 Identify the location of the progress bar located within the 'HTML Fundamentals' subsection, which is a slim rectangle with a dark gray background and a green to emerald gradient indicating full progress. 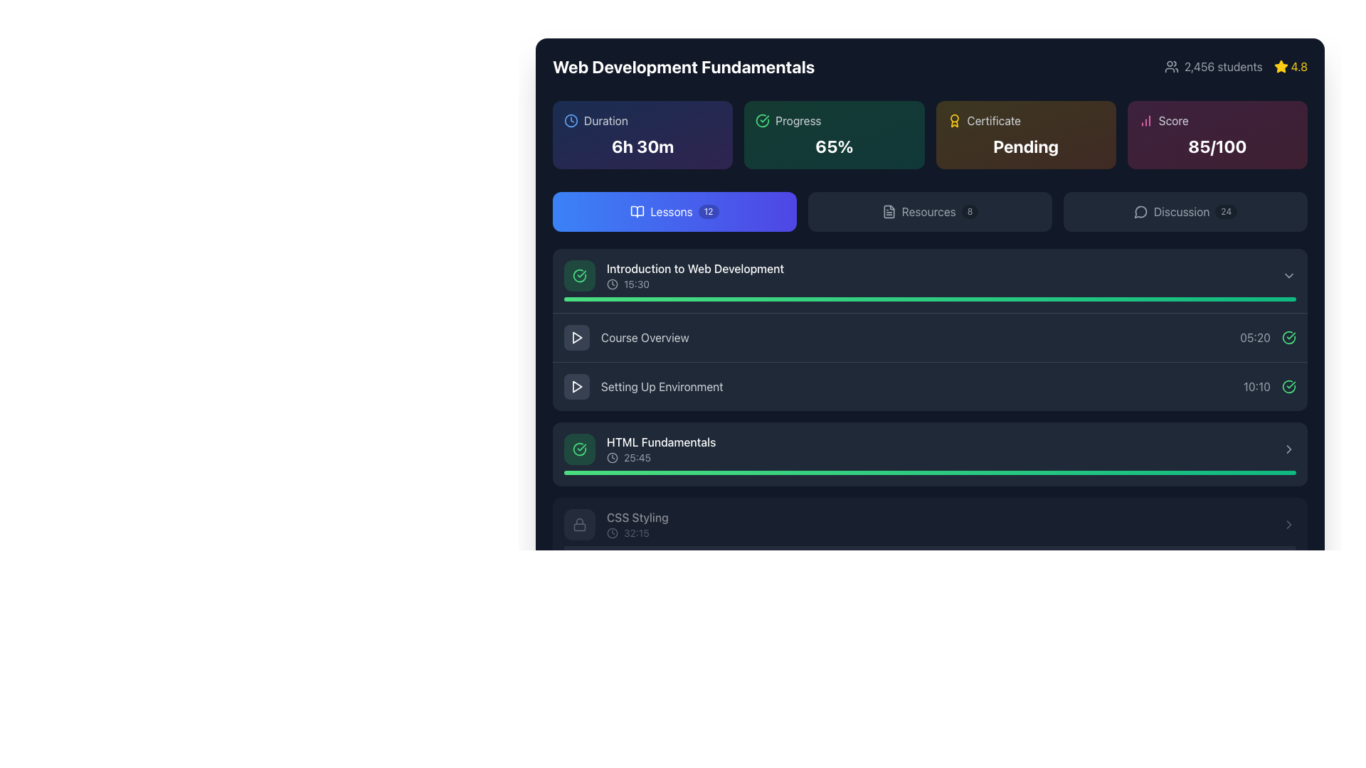
(930, 472).